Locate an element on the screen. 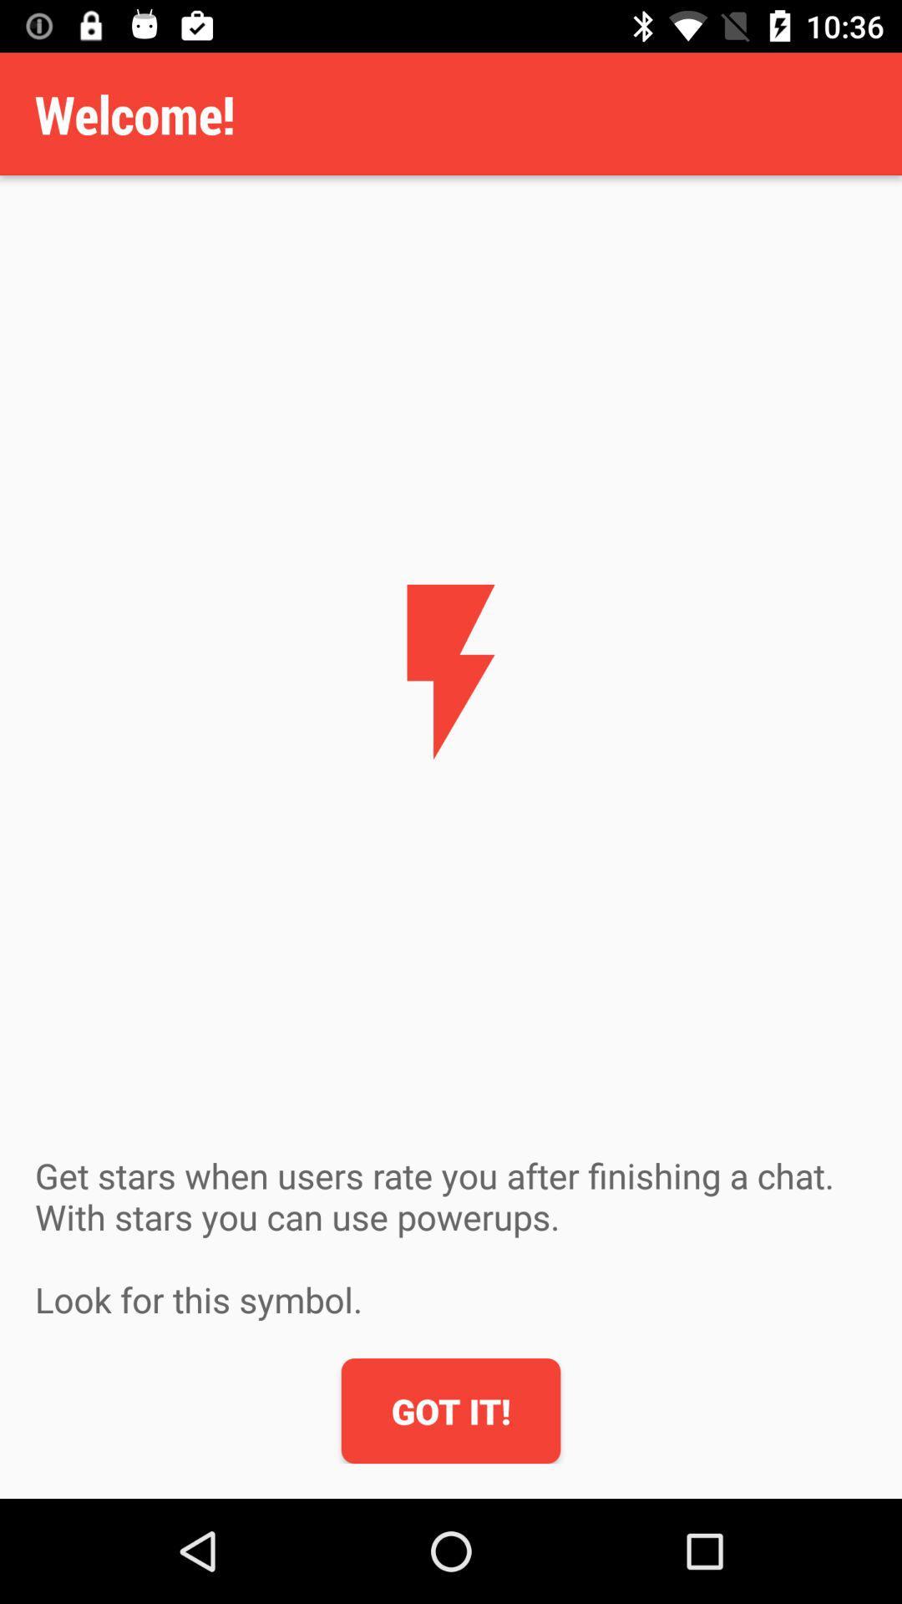  icon below the get stars when item is located at coordinates (451, 1410).